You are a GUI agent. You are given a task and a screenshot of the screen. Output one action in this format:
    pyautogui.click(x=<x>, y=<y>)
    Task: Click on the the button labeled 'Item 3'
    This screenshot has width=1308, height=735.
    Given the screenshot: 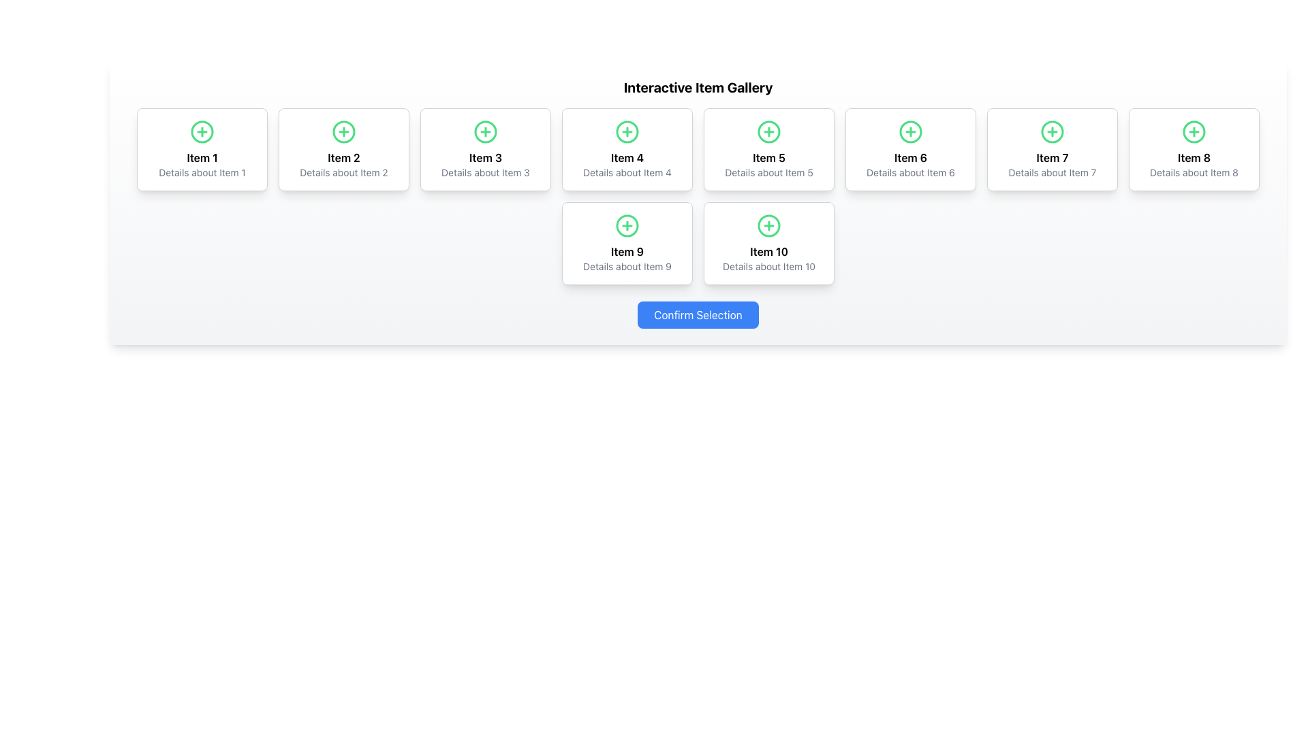 What is the action you would take?
    pyautogui.click(x=486, y=131)
    